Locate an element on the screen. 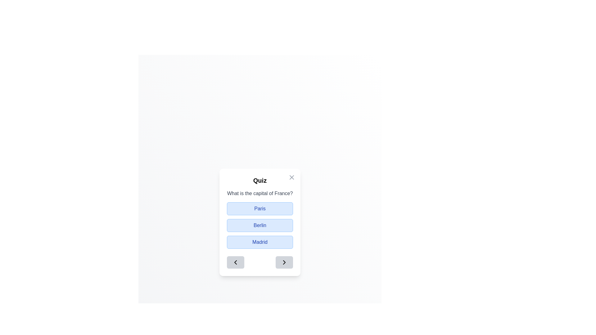  the left-pointing chevron arrow icon located inside a square button in the lower-left area of the dialog box is located at coordinates (235, 262).